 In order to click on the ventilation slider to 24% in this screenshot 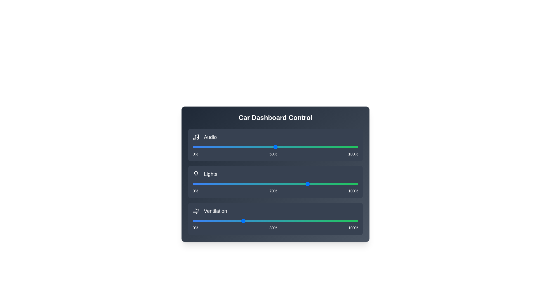, I will do `click(232, 221)`.